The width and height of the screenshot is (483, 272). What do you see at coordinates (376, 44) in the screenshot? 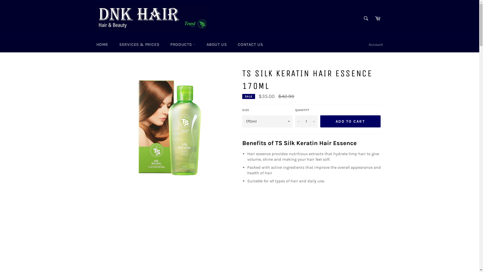
I see `'Account'` at bounding box center [376, 44].